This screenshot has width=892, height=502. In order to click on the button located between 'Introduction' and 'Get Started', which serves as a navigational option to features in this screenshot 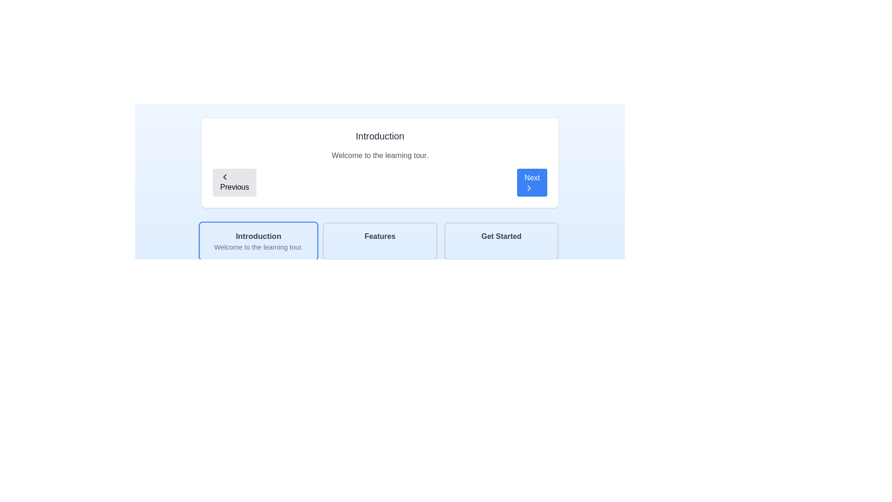, I will do `click(380, 241)`.